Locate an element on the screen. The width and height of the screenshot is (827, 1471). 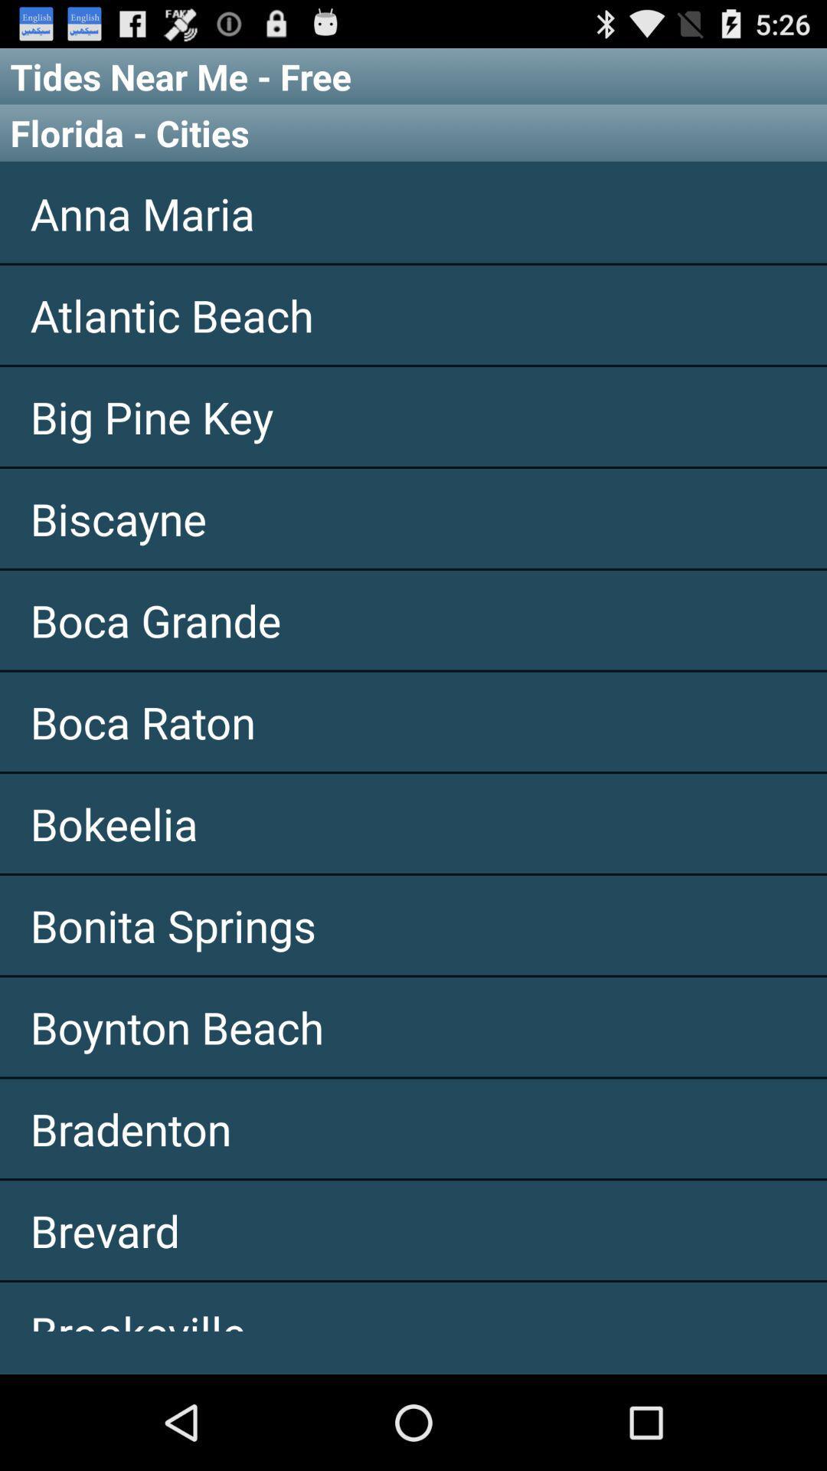
brevard app is located at coordinates (413, 1230).